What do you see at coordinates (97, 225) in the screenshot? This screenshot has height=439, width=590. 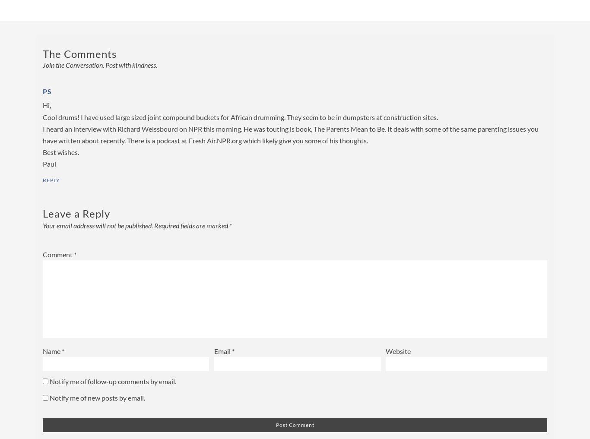 I see `'Your email address will not be published.'` at bounding box center [97, 225].